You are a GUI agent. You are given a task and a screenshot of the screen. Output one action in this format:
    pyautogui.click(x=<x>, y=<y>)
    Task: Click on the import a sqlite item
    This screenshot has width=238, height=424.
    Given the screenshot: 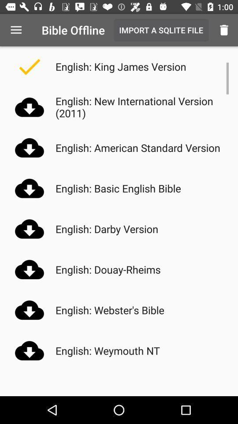 What is the action you would take?
    pyautogui.click(x=160, y=30)
    